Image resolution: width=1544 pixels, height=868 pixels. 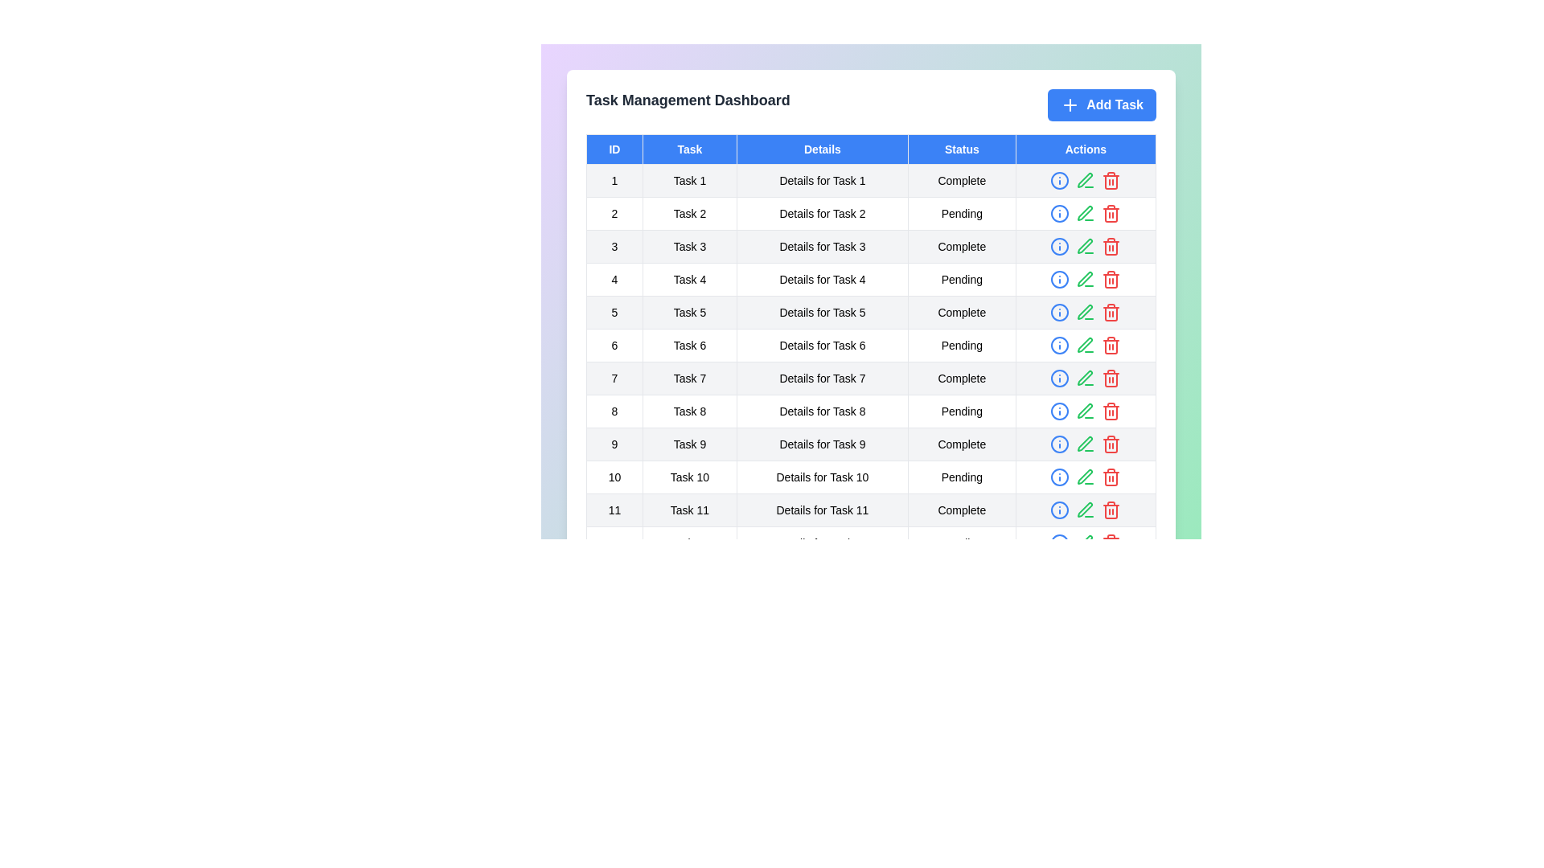 I want to click on the column header to sort tasks by Task, so click(x=689, y=149).